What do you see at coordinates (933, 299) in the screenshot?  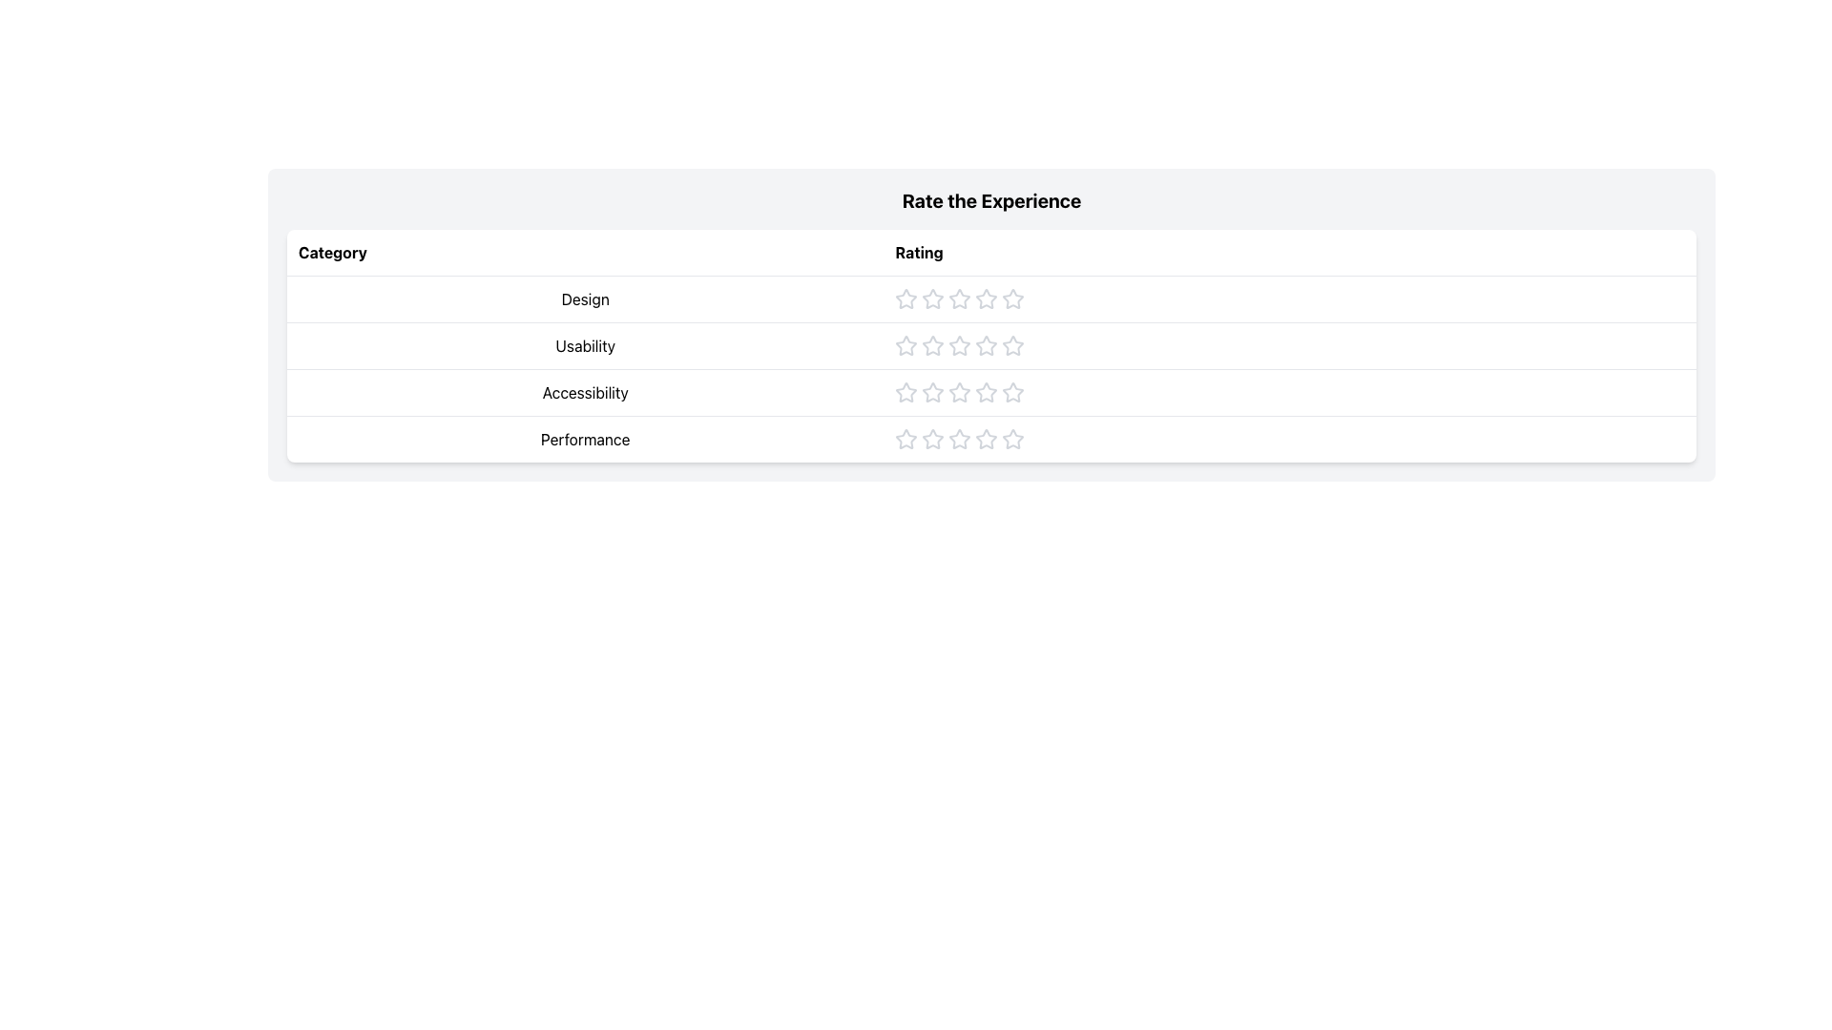 I see `the second star icon in the 'Design' row` at bounding box center [933, 299].